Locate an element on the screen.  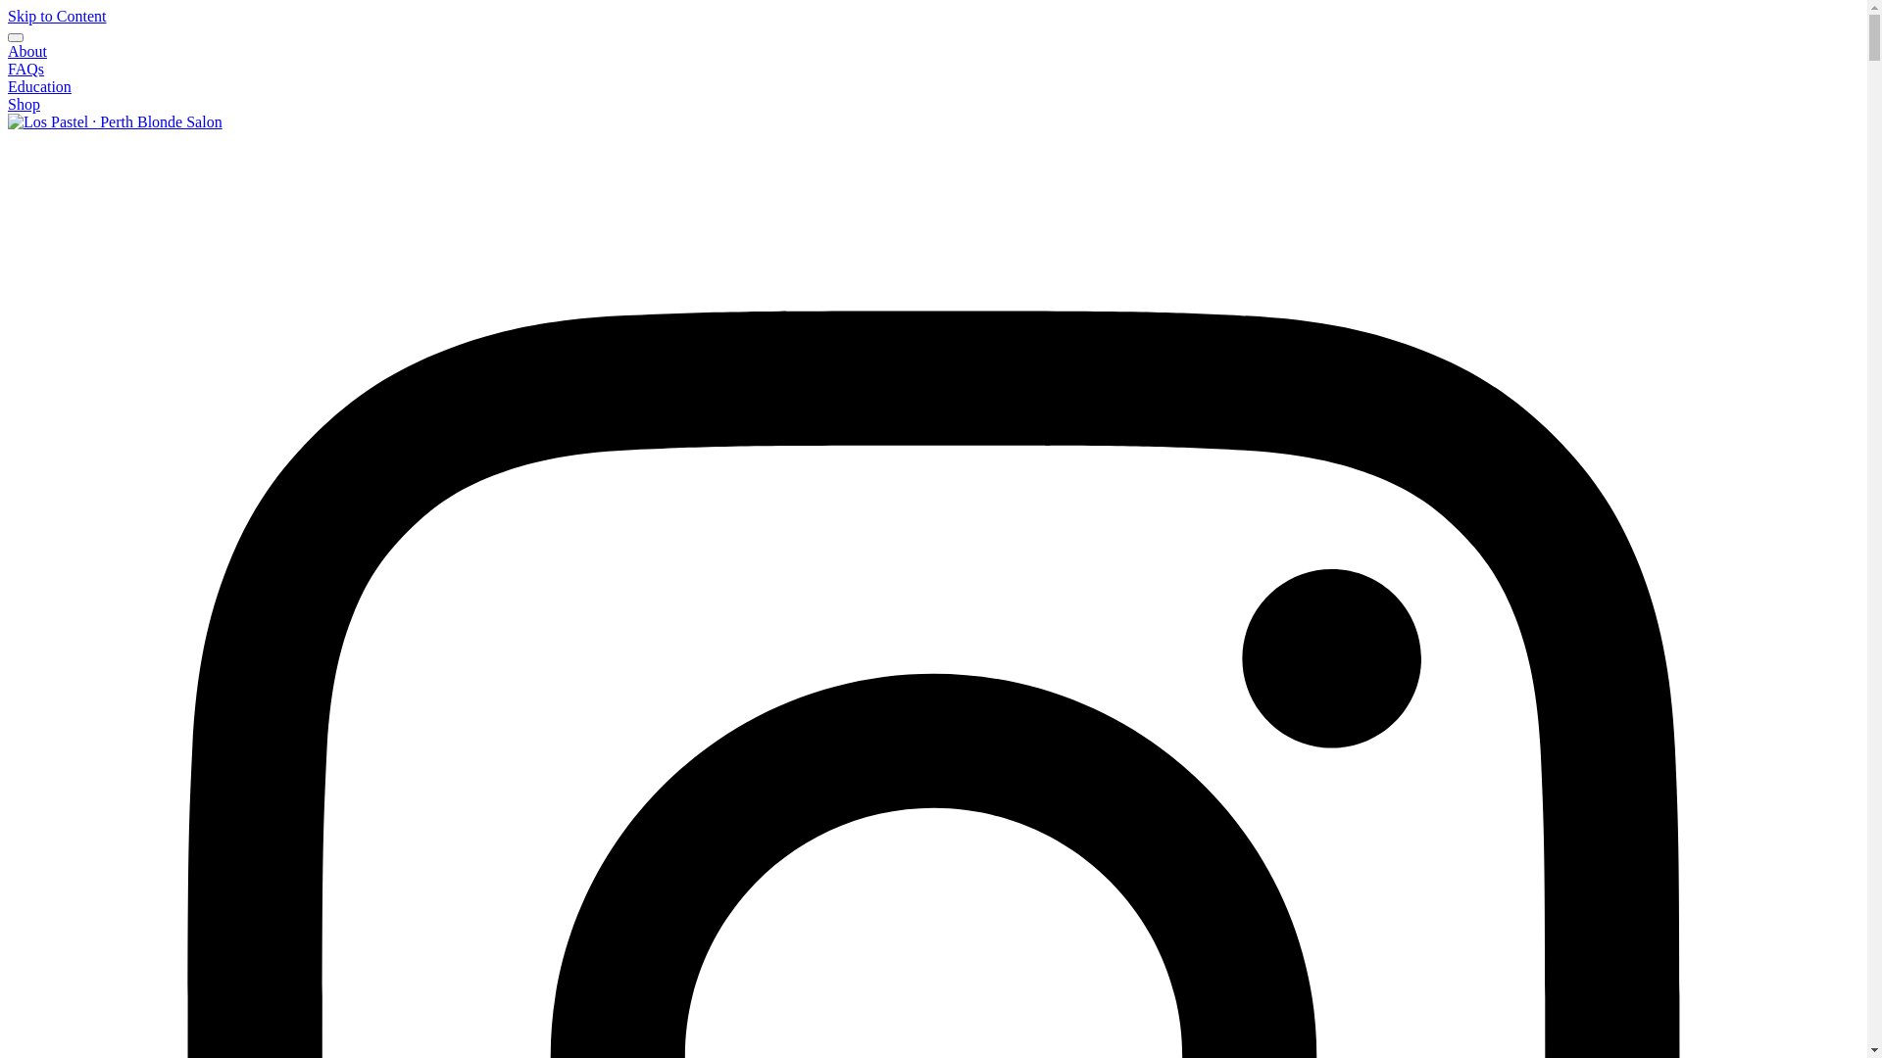
'Skip to Content' is located at coordinates (56, 16).